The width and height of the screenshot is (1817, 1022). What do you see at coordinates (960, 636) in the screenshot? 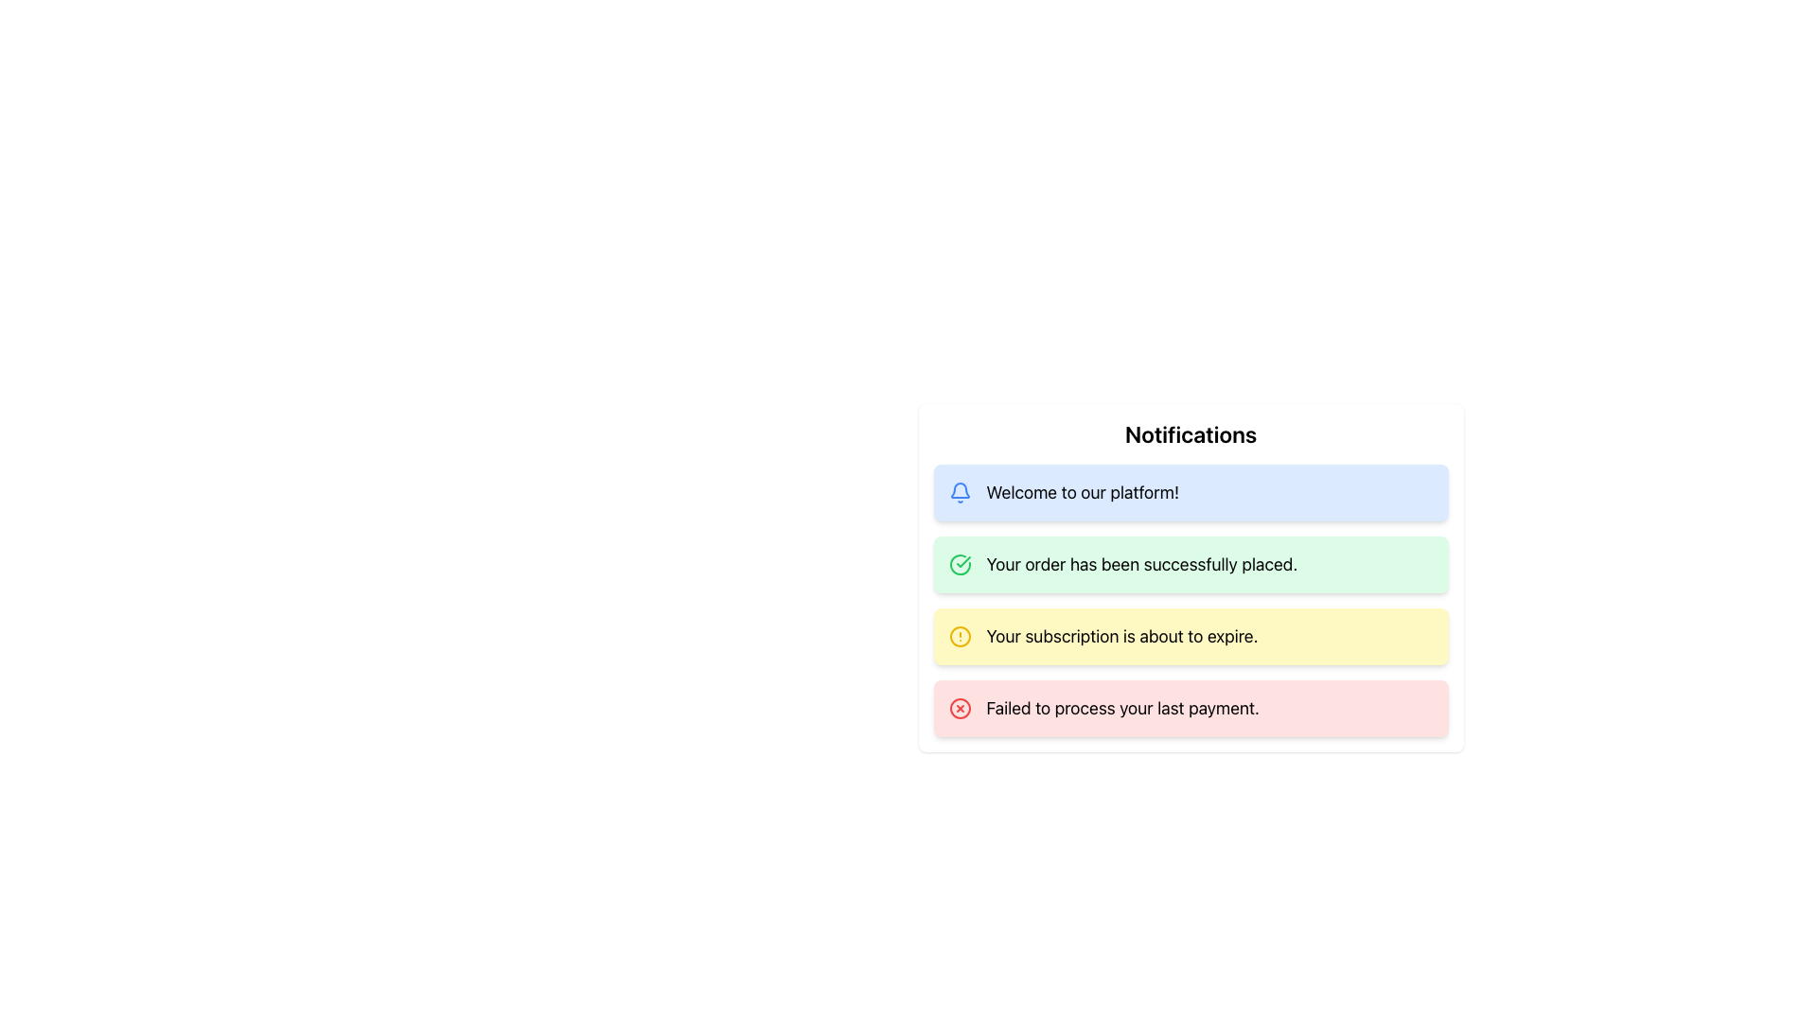
I see `the circular alert icon with a yellow outline and an exclamation mark, located to the left of the text 'Your subscription is about to expire.' in the third notification of the panel` at bounding box center [960, 636].